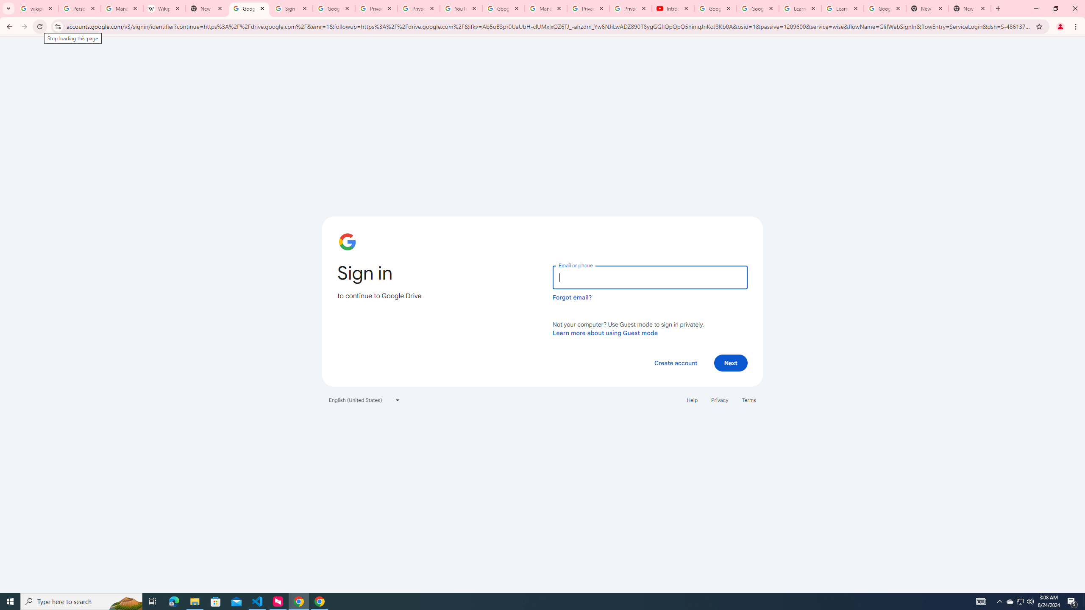  I want to click on 'Sign in - Google Accounts', so click(292, 8).